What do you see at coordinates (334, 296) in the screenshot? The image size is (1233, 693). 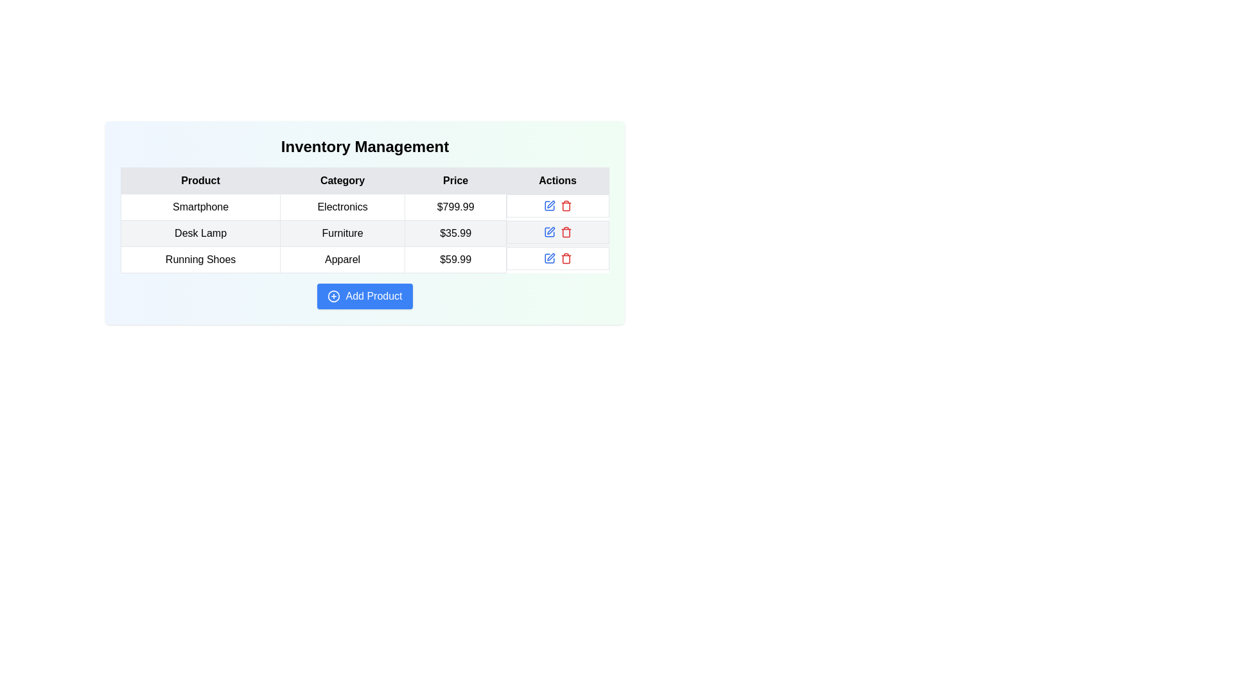 I see `the circular graphic within the SVG icon that is part of a plus sign structure located to the left of the 'Add Product' button` at bounding box center [334, 296].